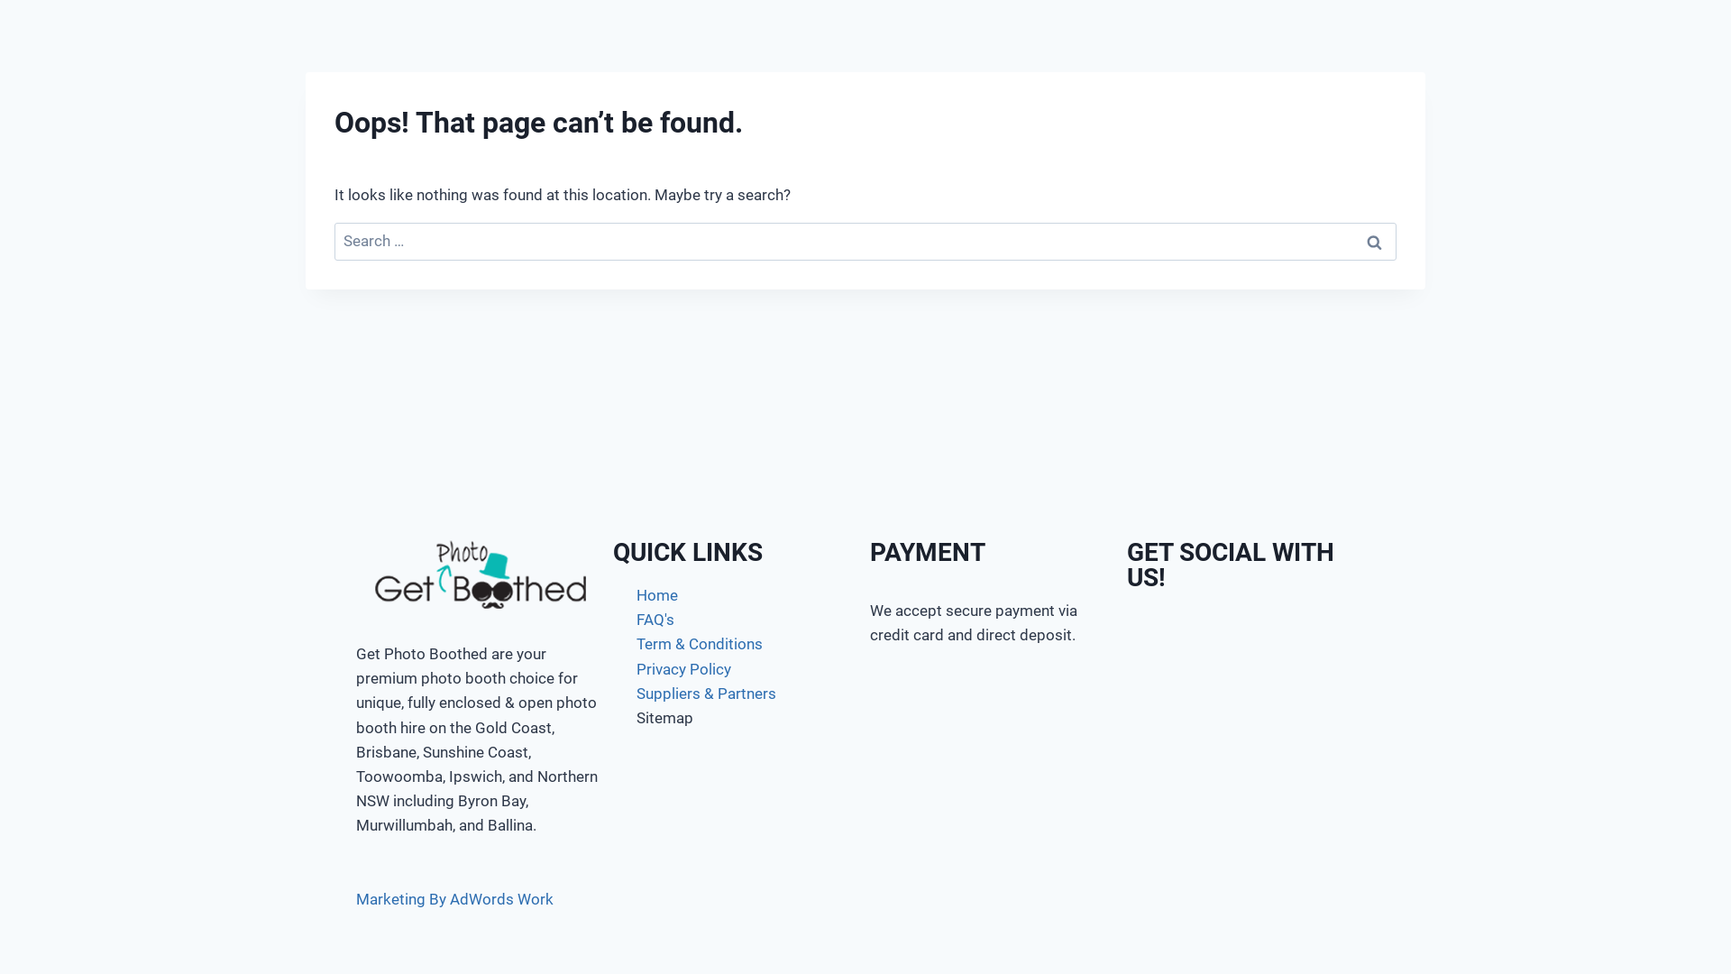  I want to click on 'FAQ's', so click(737, 619).